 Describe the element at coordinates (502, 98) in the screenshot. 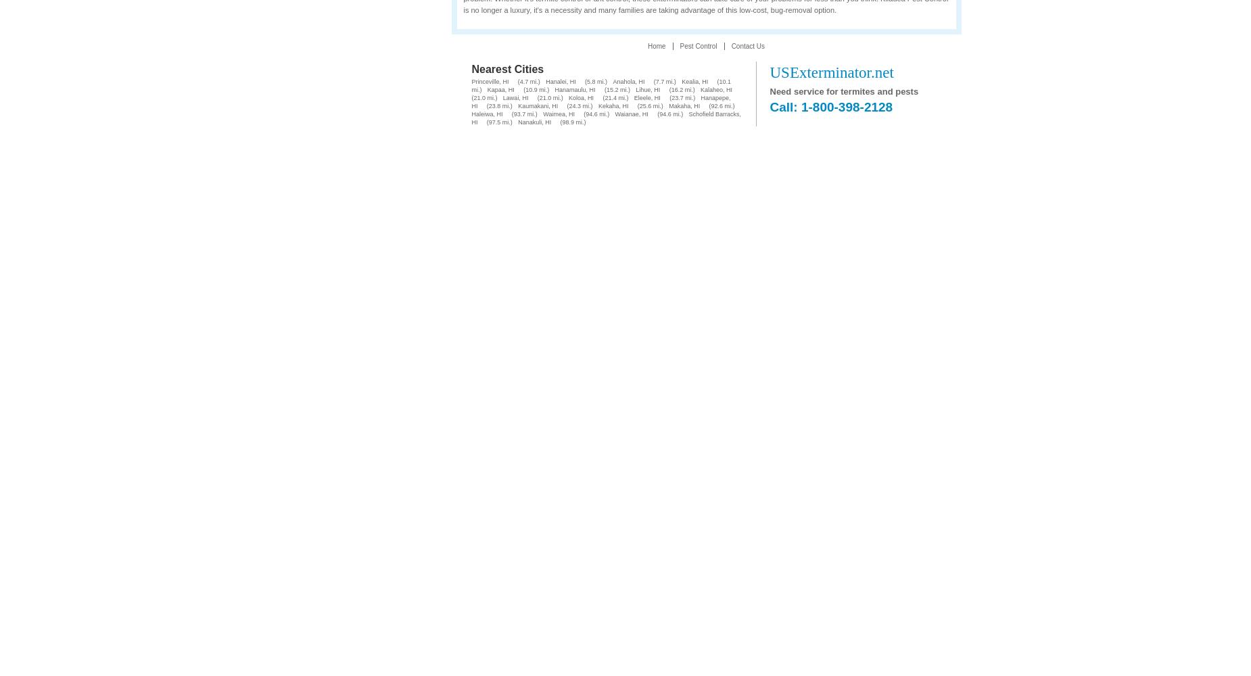

I see `'Lawai, HI'` at that location.